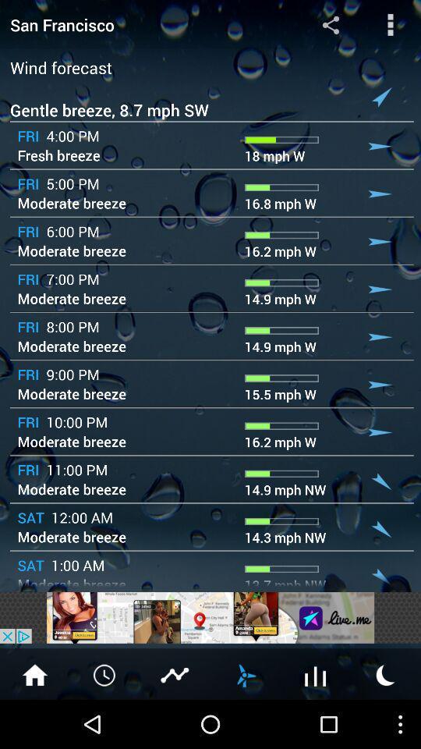 This screenshot has height=749, width=421. Describe the element at coordinates (385, 673) in the screenshot. I see `sunrise/sunset times` at that location.